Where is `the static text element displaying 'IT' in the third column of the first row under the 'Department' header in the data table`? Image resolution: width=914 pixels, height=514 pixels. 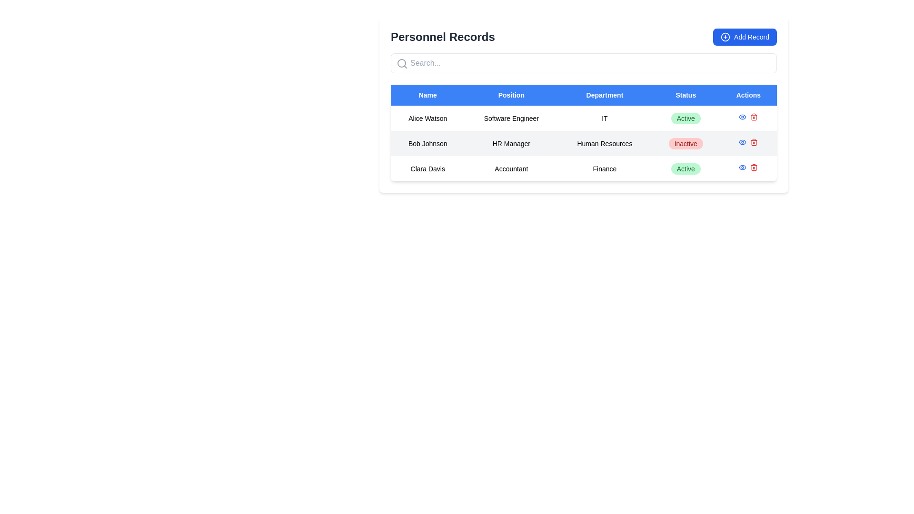
the static text element displaying 'IT' in the third column of the first row under the 'Department' header in the data table is located at coordinates (604, 118).